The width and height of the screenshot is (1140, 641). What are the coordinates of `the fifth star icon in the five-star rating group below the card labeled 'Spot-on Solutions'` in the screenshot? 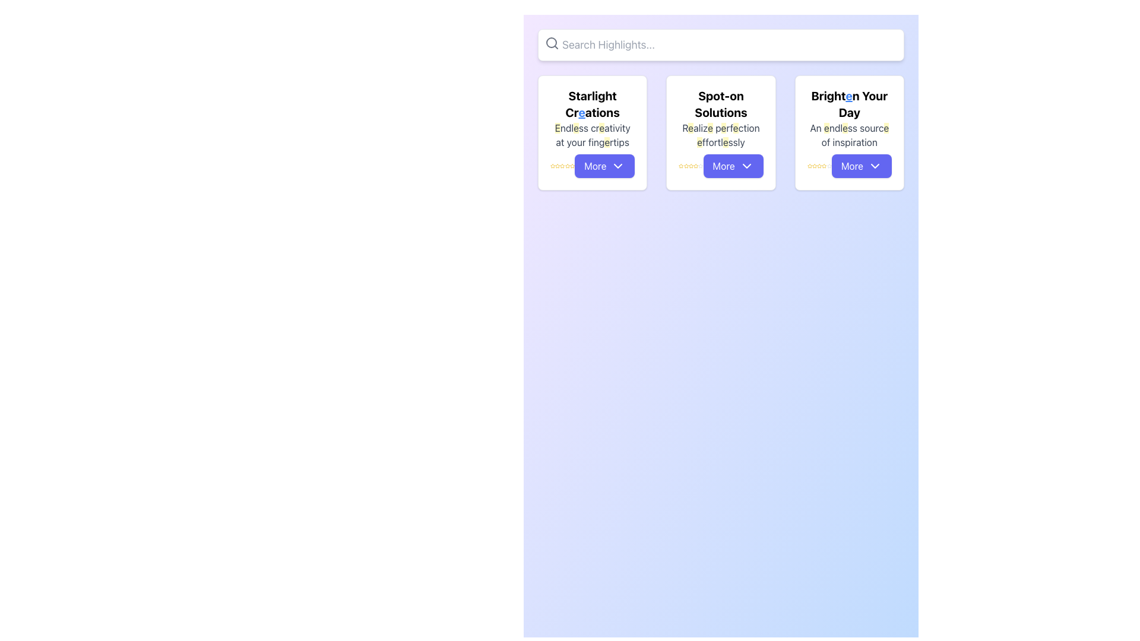 It's located at (701, 166).